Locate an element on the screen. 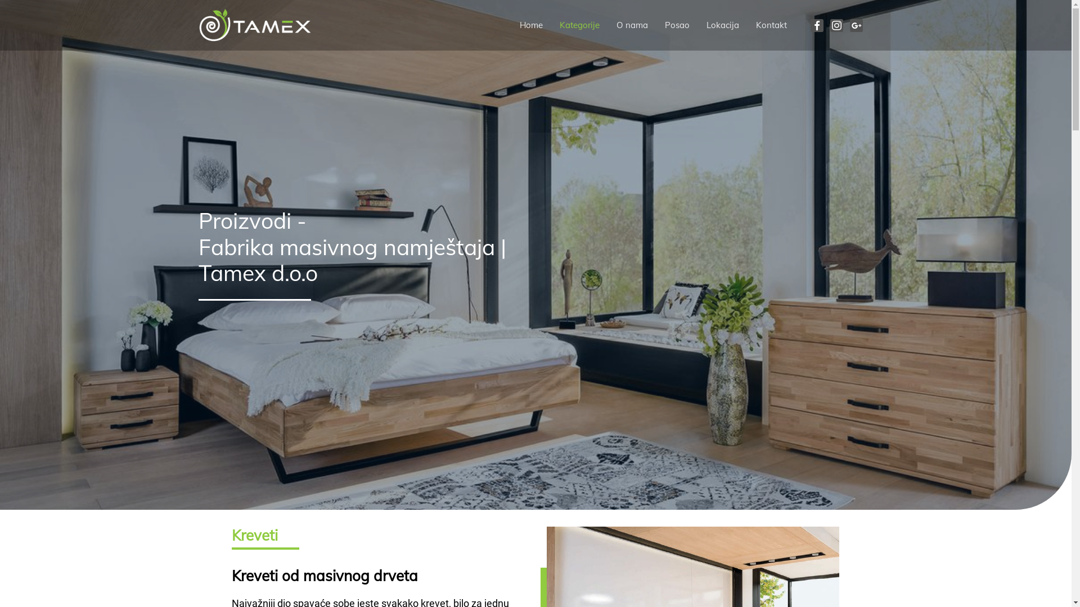  'O nama' is located at coordinates (632, 25).